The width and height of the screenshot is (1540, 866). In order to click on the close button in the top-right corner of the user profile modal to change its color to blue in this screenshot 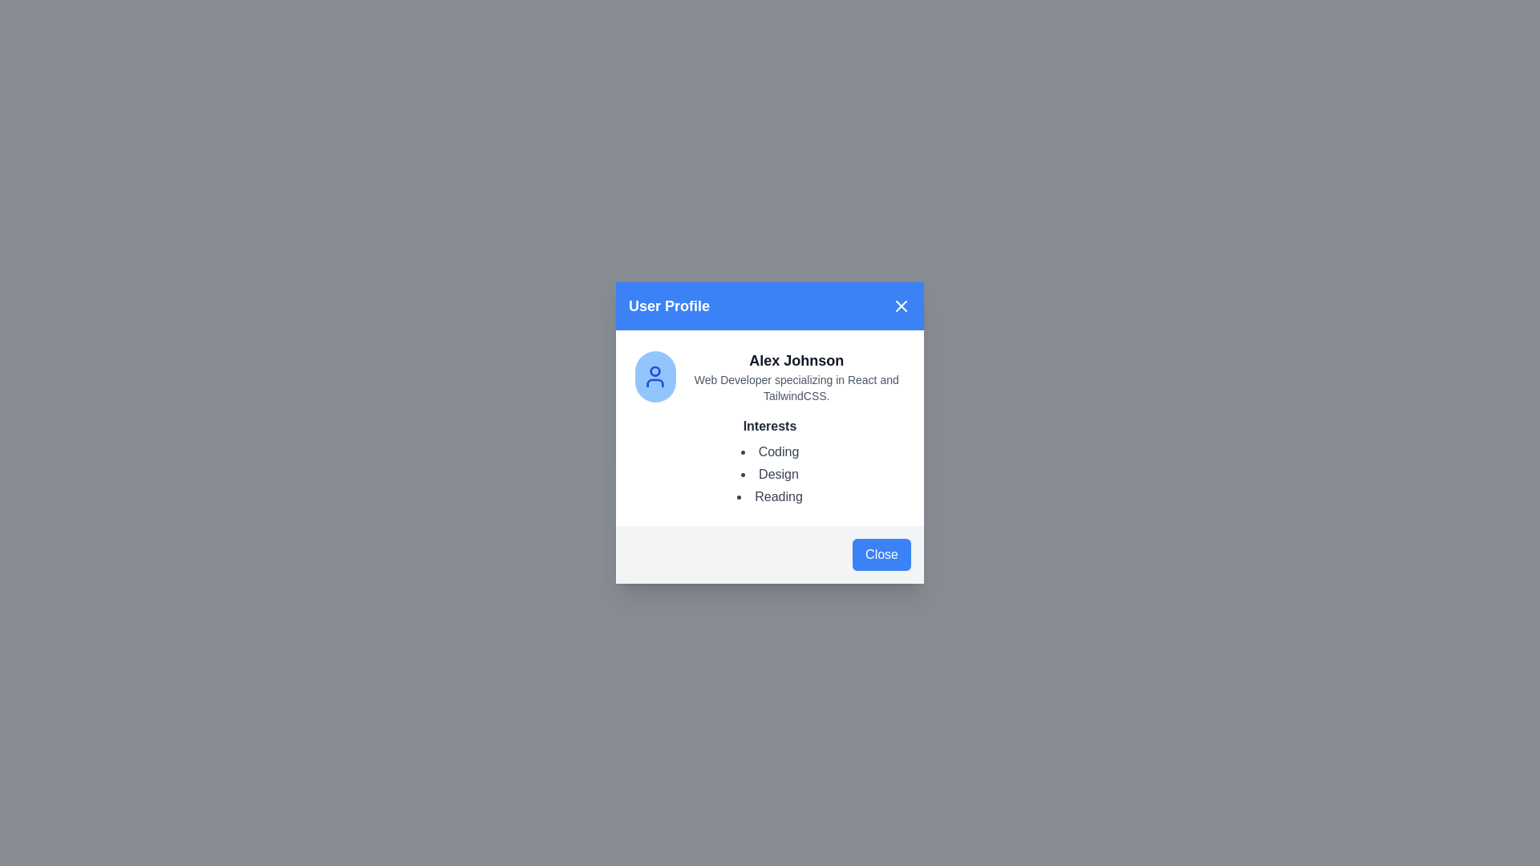, I will do `click(901, 306)`.